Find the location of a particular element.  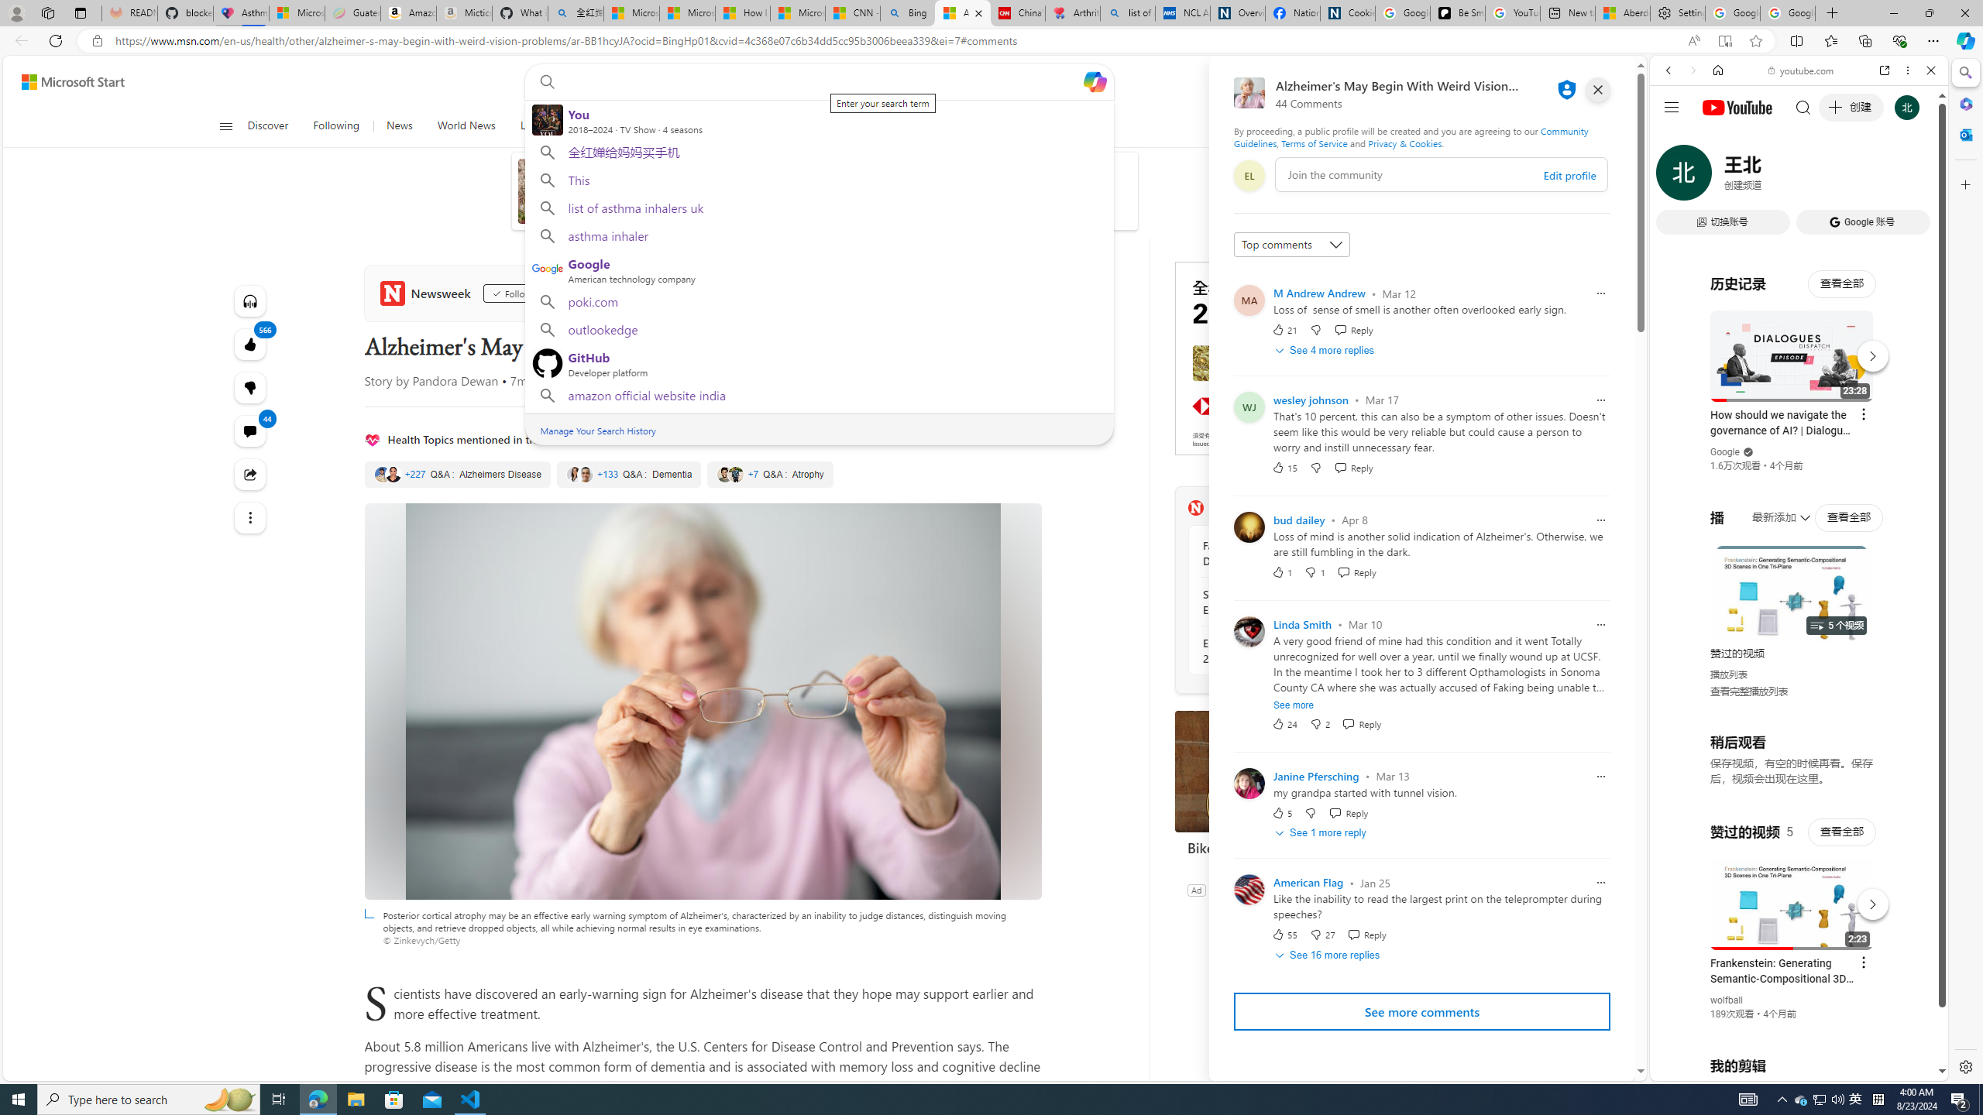

'M Andrew Andrew' is located at coordinates (1319, 293).